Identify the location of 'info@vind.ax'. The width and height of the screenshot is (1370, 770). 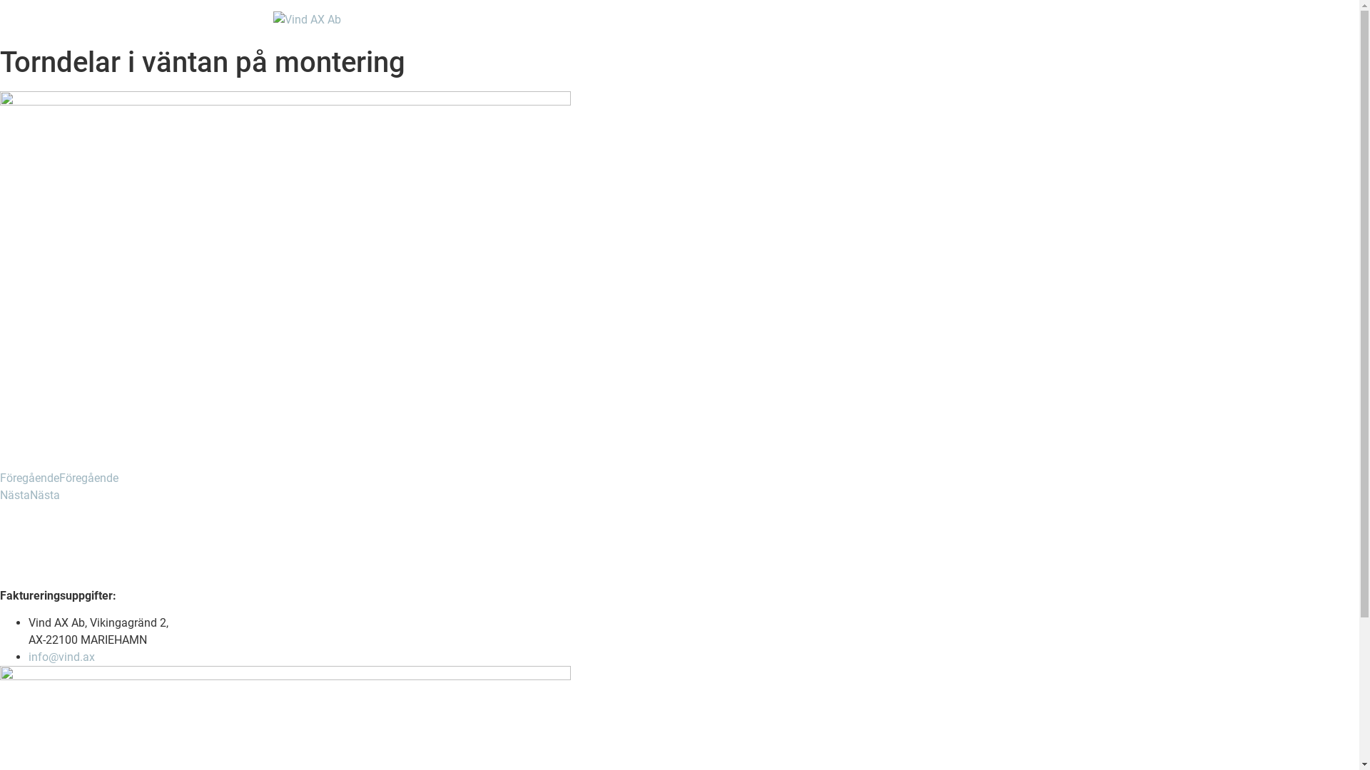
(61, 657).